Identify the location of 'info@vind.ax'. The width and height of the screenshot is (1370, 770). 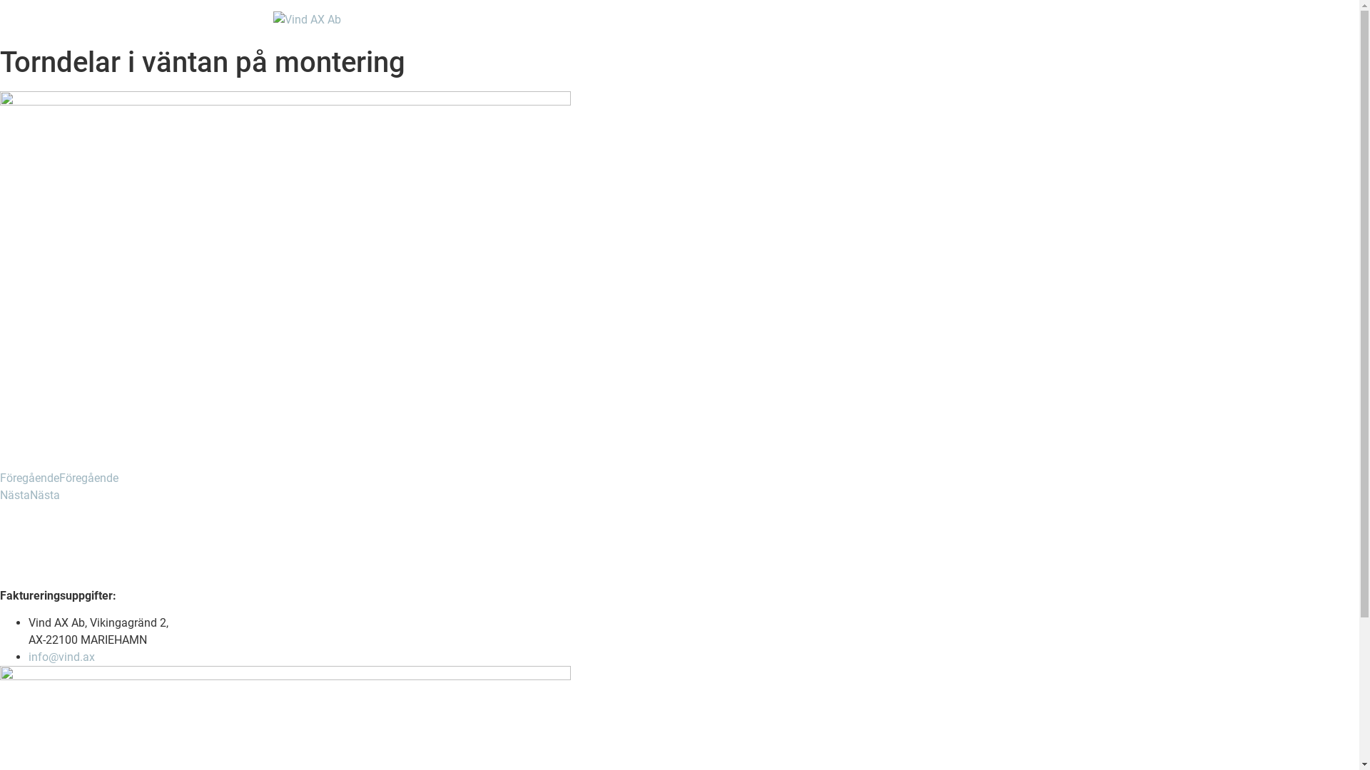
(61, 657).